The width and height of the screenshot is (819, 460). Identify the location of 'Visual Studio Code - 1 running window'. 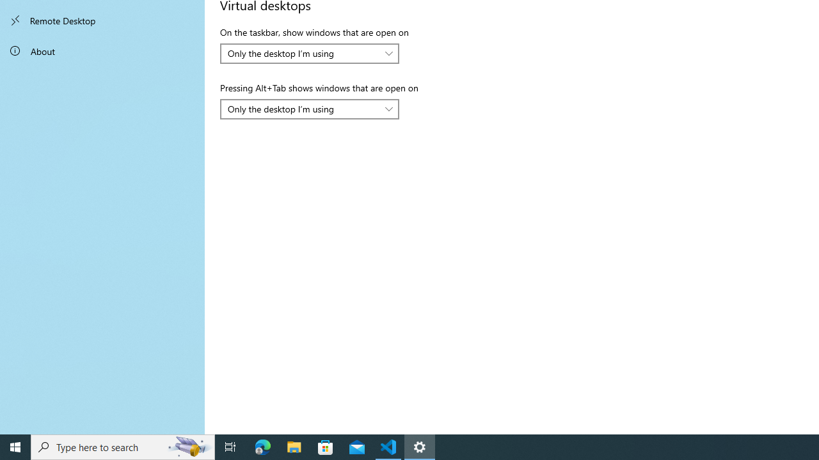
(388, 446).